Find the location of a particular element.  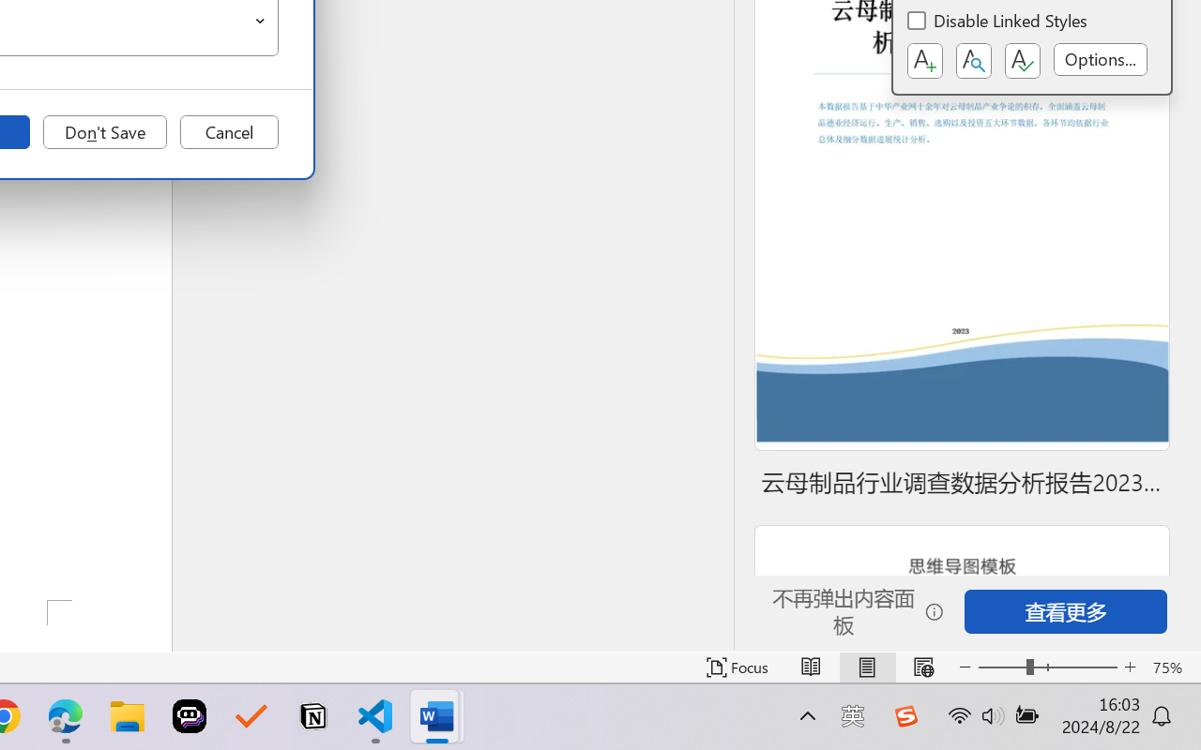

'Class: Image' is located at coordinates (905, 716).